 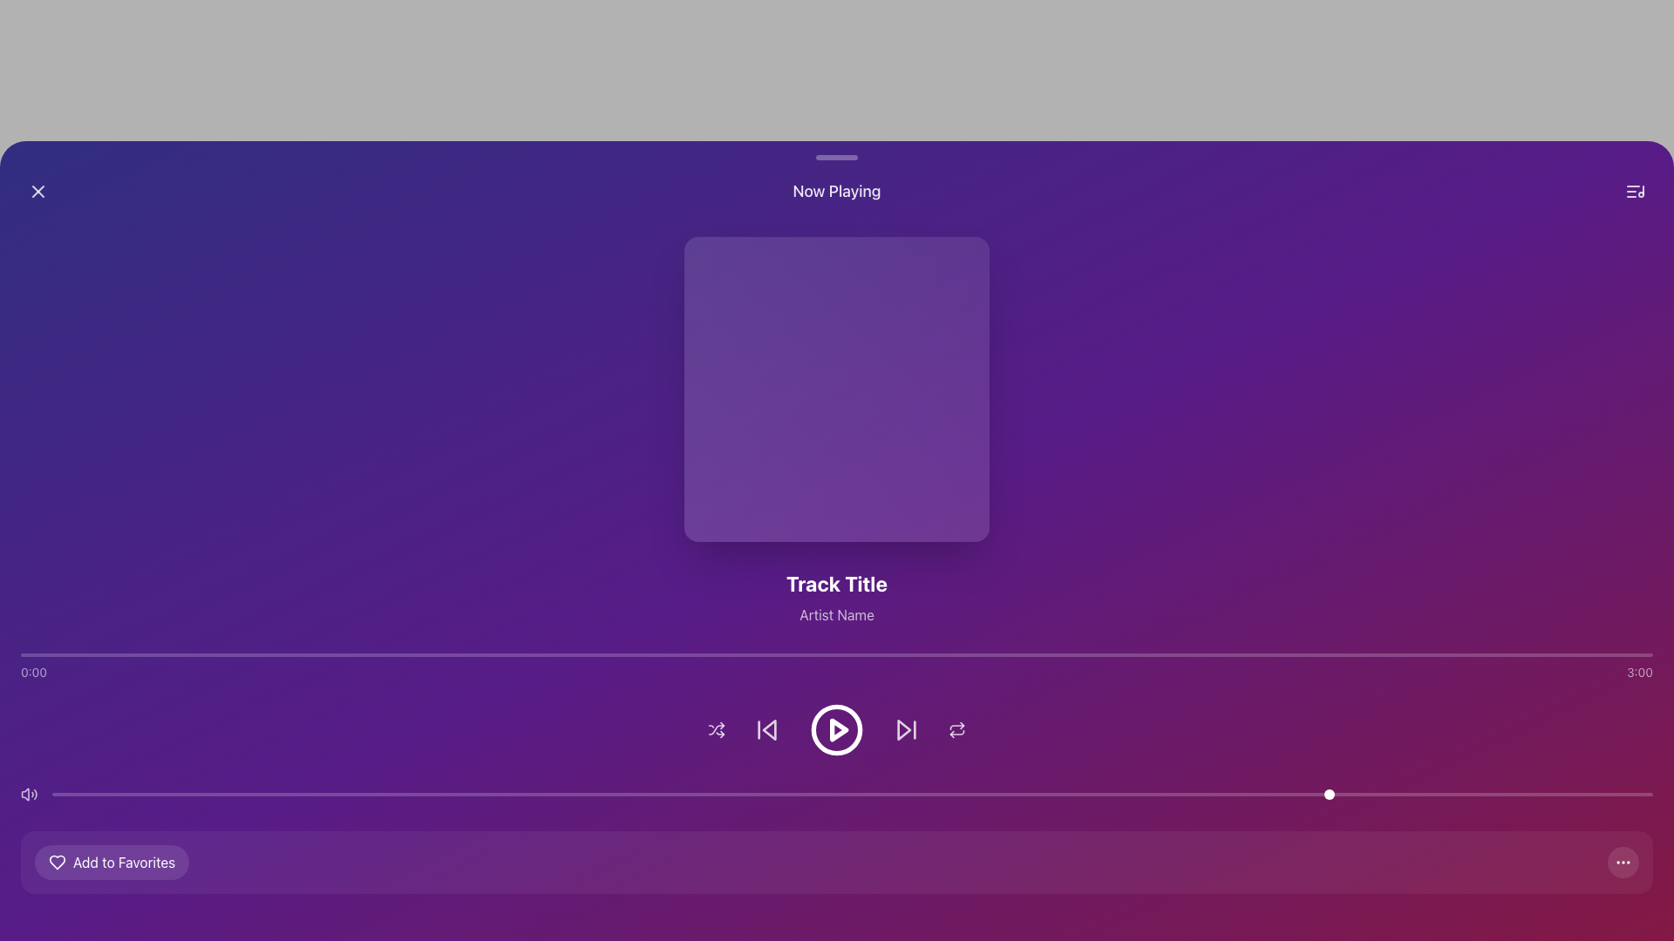 What do you see at coordinates (1619, 655) in the screenshot?
I see `the playback progress` at bounding box center [1619, 655].